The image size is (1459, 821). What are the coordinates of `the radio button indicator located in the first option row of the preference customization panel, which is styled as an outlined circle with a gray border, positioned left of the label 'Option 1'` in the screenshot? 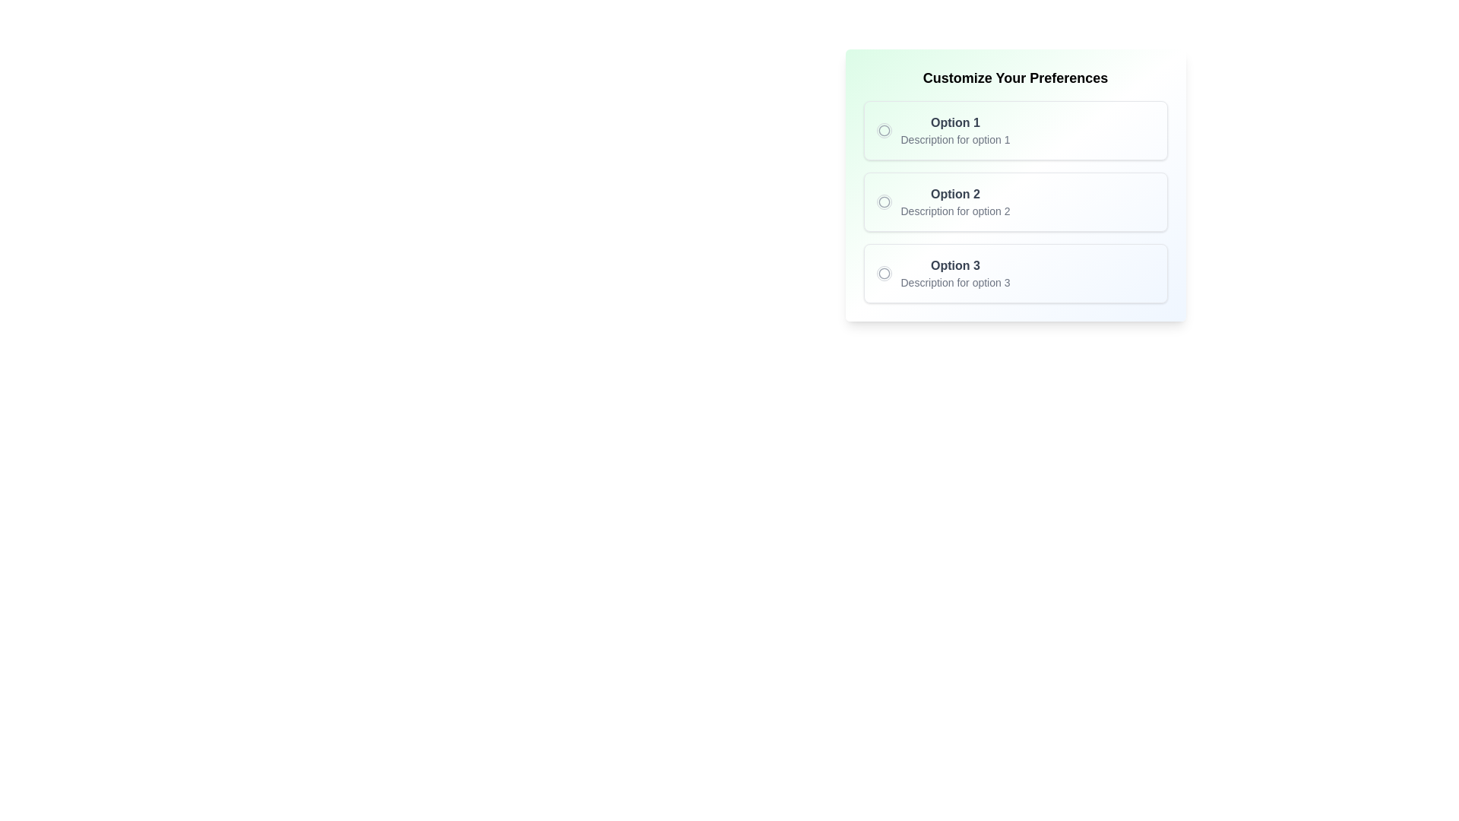 It's located at (884, 130).